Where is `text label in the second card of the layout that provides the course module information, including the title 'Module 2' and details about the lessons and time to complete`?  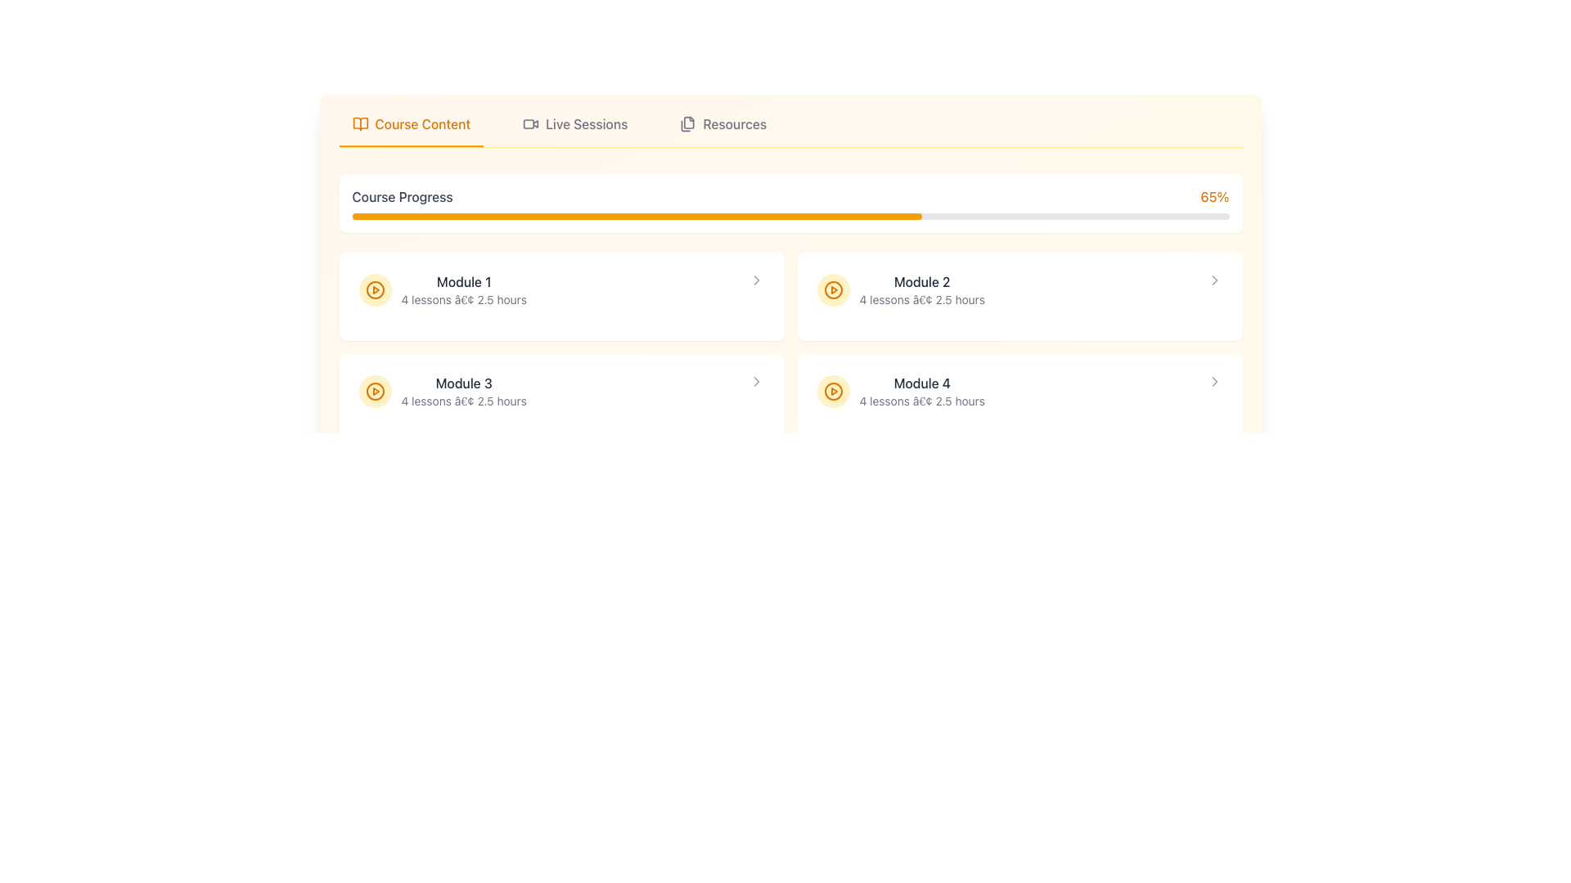
text label in the second card of the layout that provides the course module information, including the title 'Module 2' and details about the lessons and time to complete is located at coordinates (922, 289).